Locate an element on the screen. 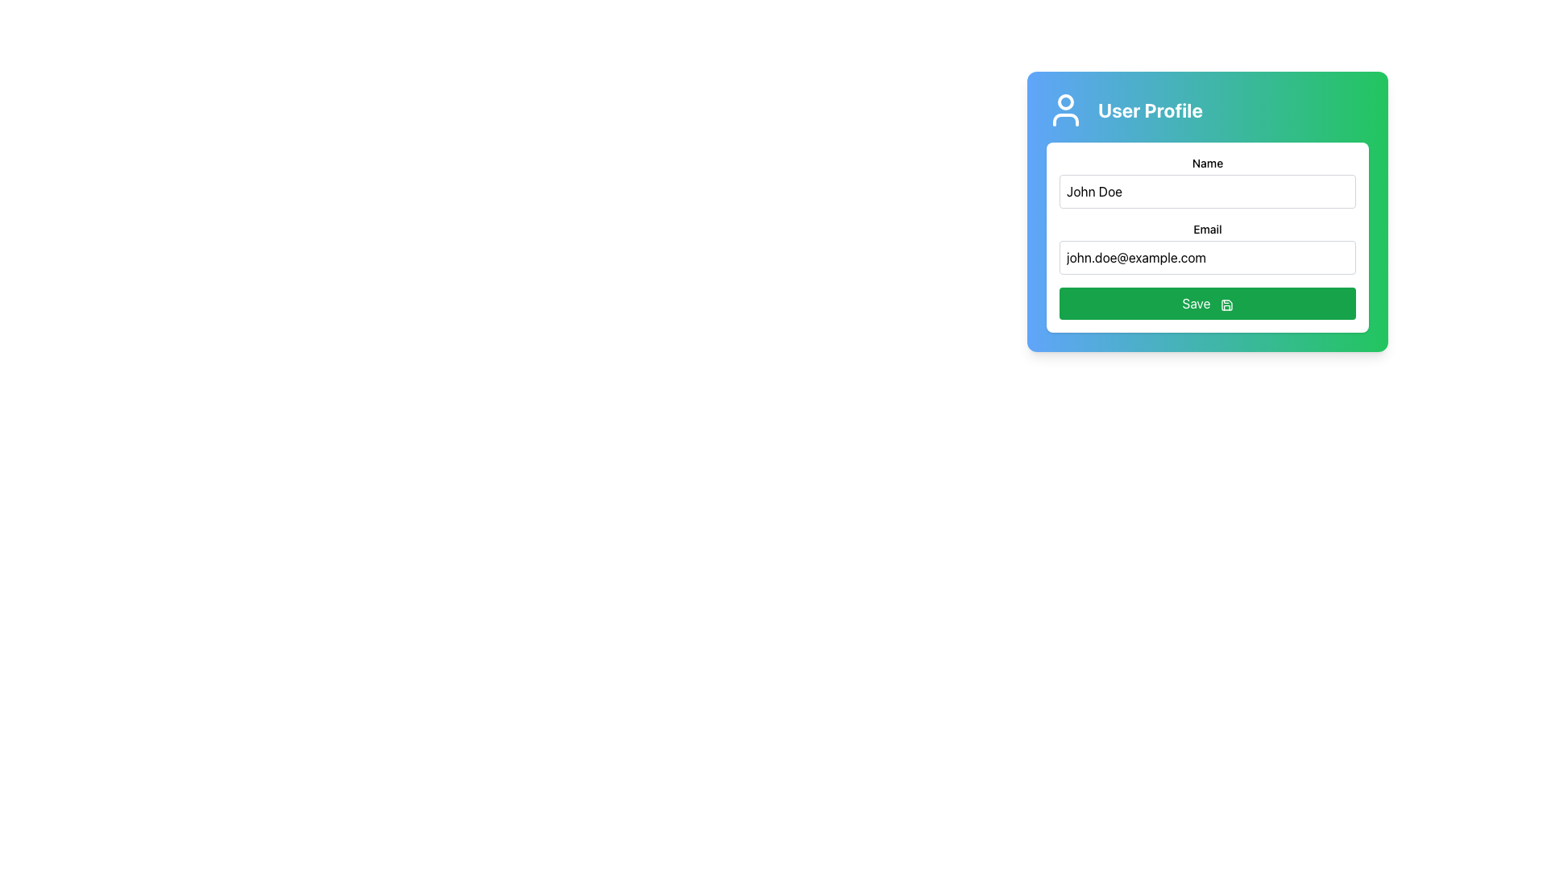  the green 'Save' button with rounded corners at the bottom of the card is located at coordinates (1207, 304).